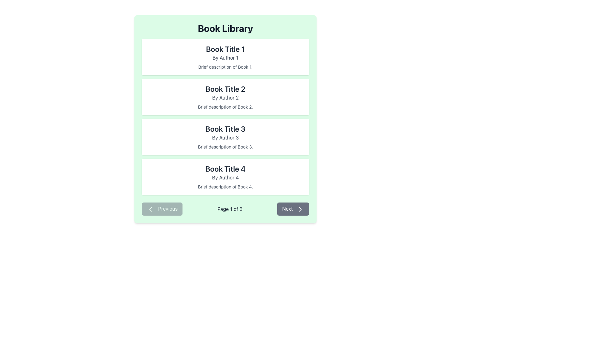 The image size is (600, 337). Describe the element at coordinates (229, 209) in the screenshot. I see `the pagination feedback text label located centrally between the 'Previous' and 'Next' buttons, which indicates the current page and total number of pages` at that location.